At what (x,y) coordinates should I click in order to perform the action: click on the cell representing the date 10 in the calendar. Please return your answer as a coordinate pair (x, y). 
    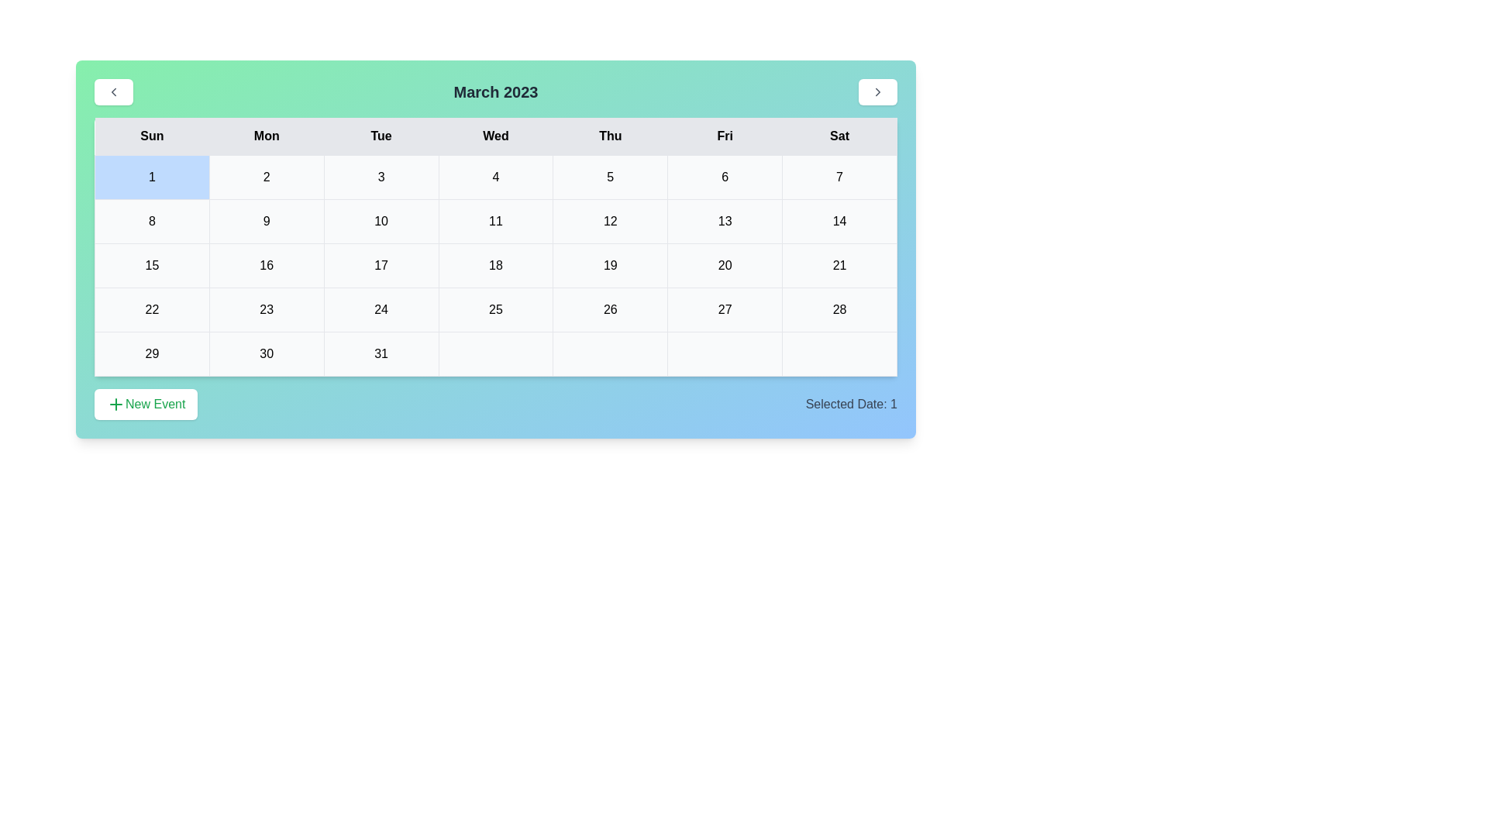
    Looking at the image, I should click on (381, 221).